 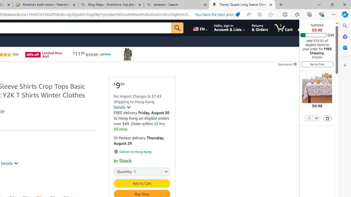 I want to click on 'amazon - Search', so click(x=176, y=5).